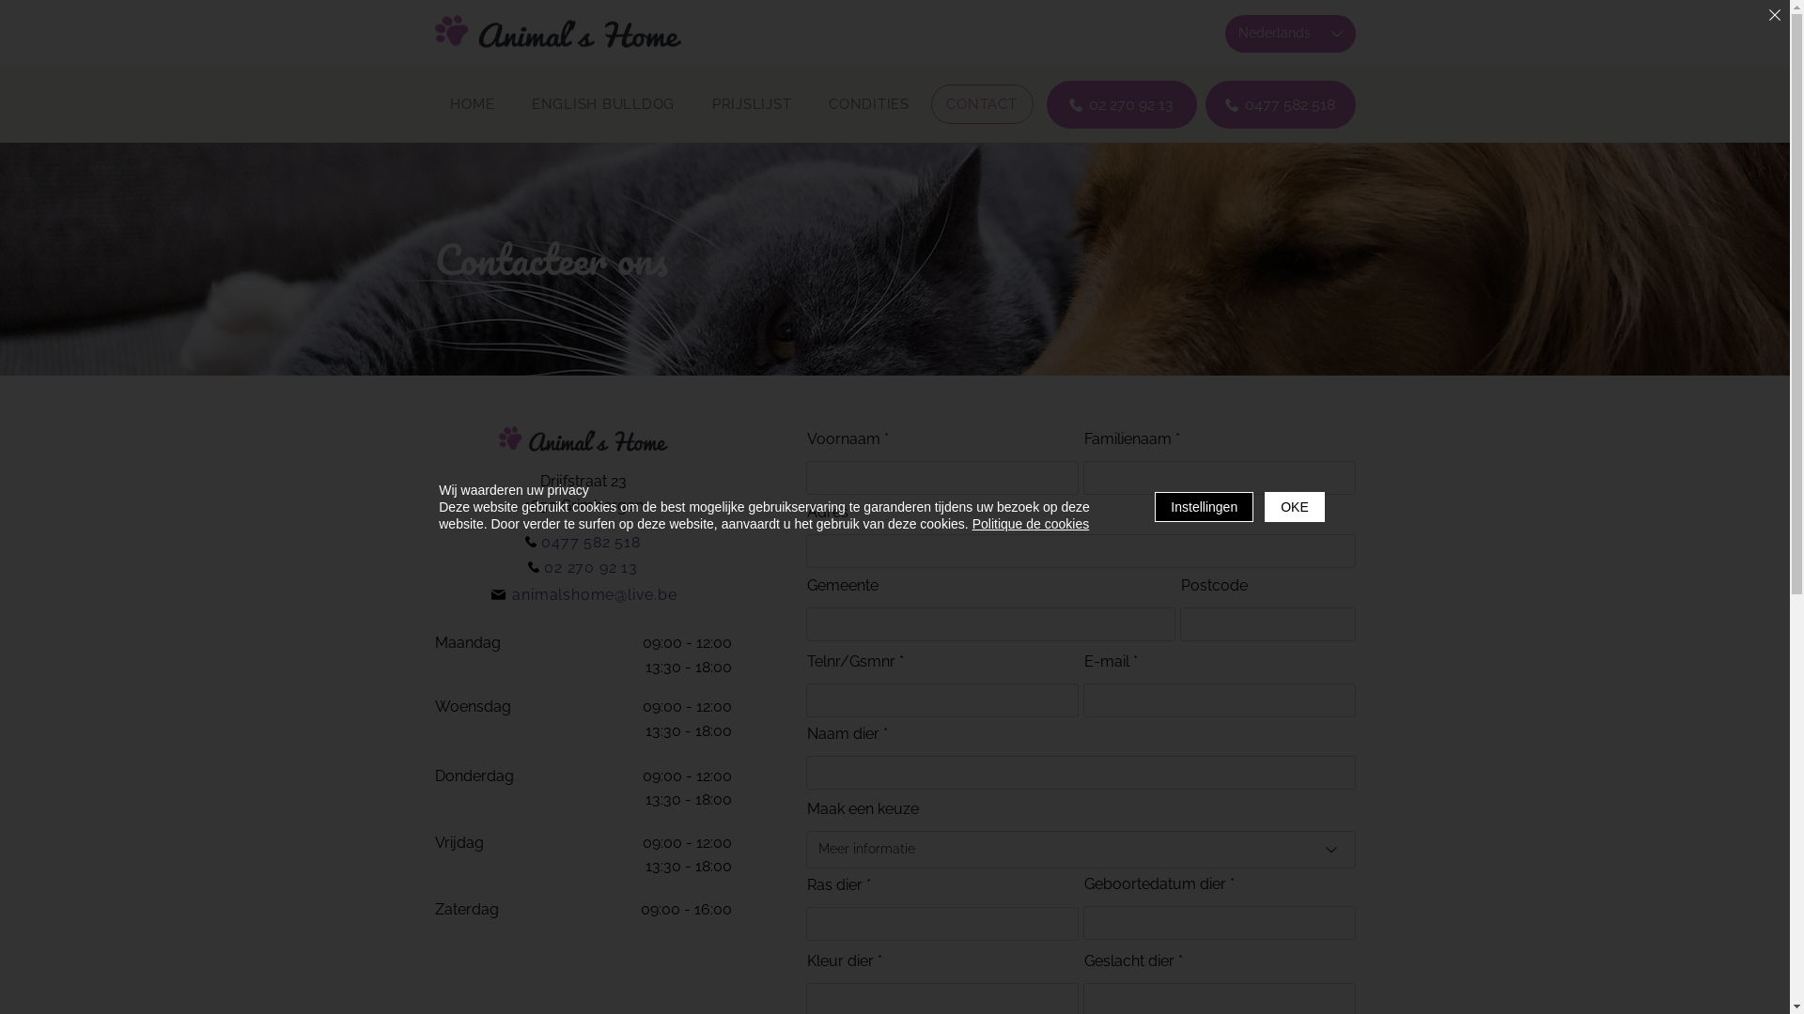 This screenshot has height=1014, width=1804. What do you see at coordinates (432, 104) in the screenshot?
I see `'HOME'` at bounding box center [432, 104].